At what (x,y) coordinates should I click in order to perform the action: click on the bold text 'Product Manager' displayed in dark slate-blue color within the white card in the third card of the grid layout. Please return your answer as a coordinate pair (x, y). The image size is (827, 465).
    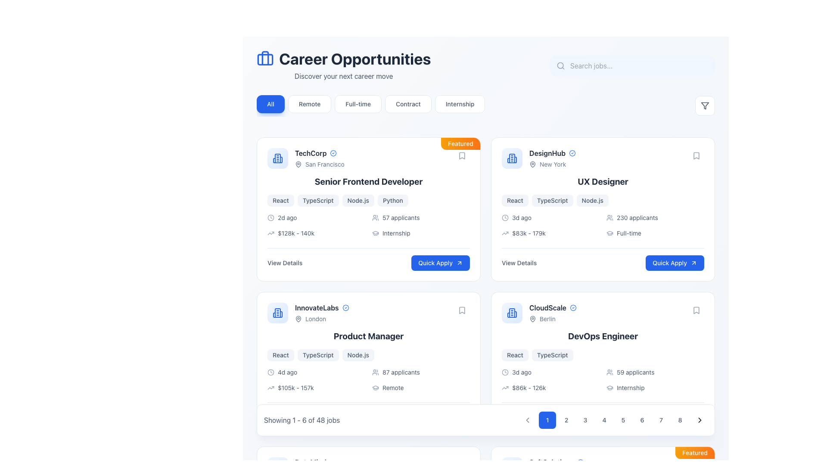
    Looking at the image, I should click on (368, 335).